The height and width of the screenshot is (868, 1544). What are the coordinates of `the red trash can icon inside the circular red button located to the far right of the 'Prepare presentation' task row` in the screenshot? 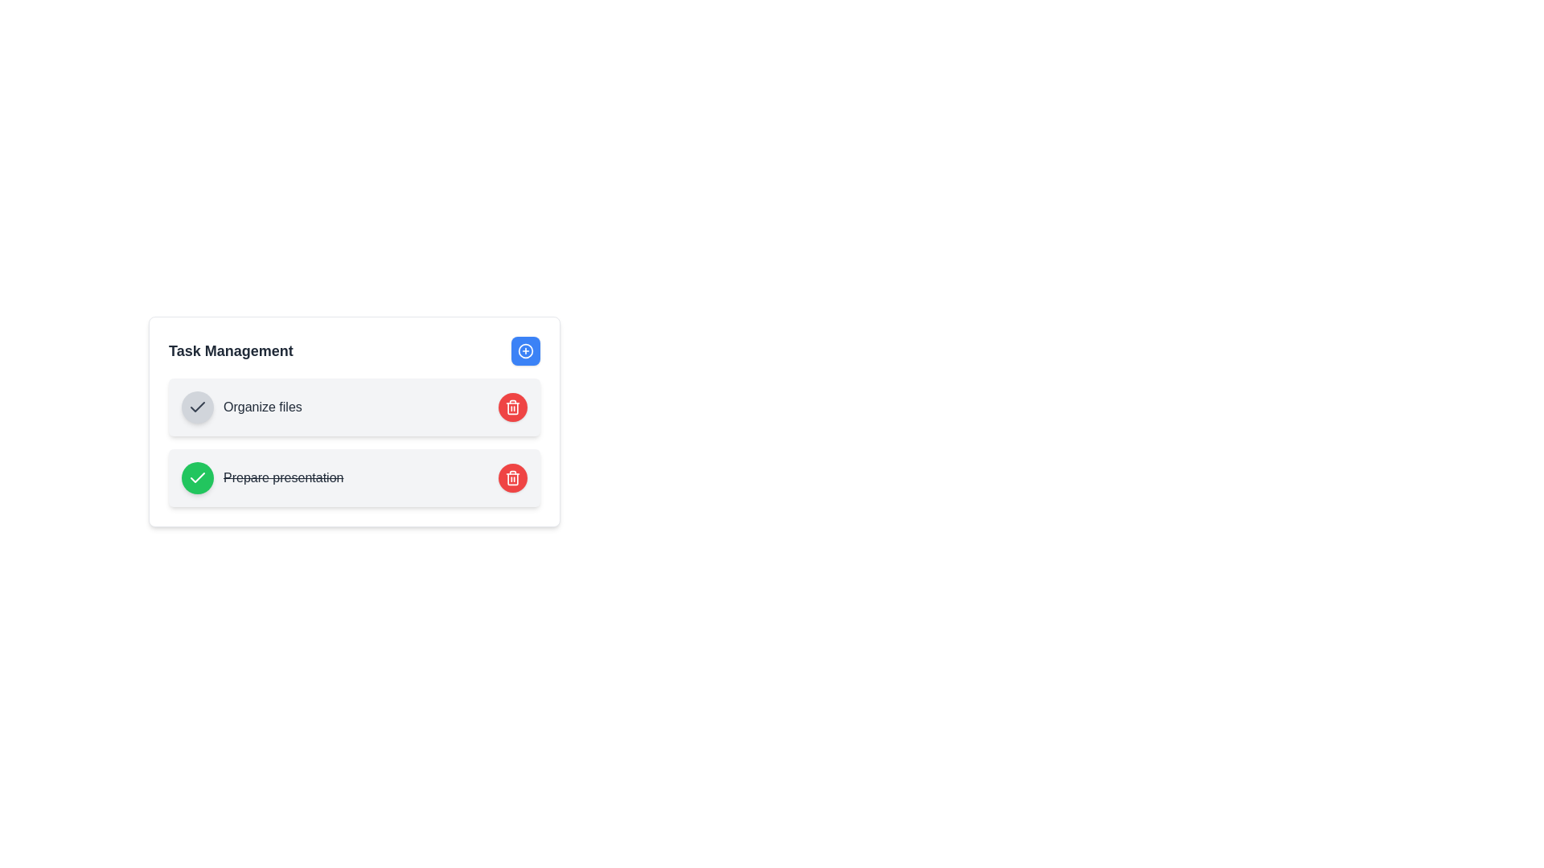 It's located at (512, 477).